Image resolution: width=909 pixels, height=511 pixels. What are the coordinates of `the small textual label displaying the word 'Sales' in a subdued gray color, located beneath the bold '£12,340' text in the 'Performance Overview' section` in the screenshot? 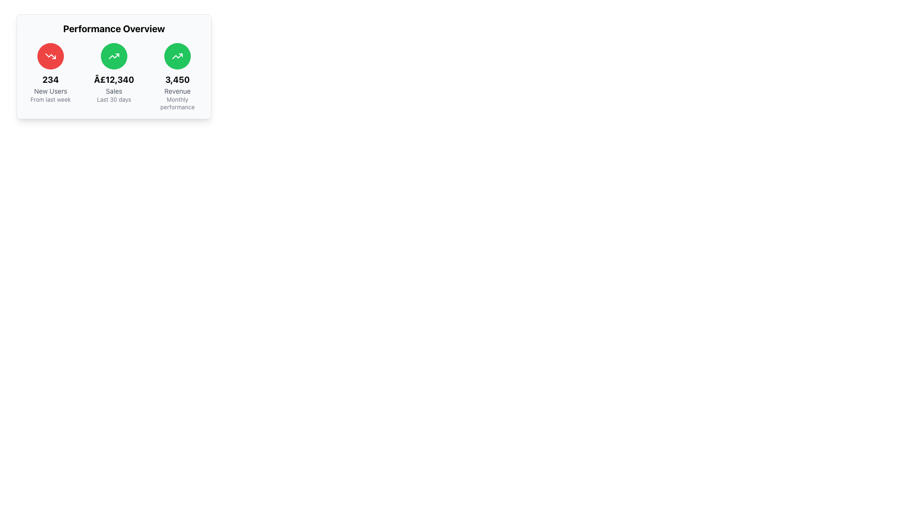 It's located at (114, 91).